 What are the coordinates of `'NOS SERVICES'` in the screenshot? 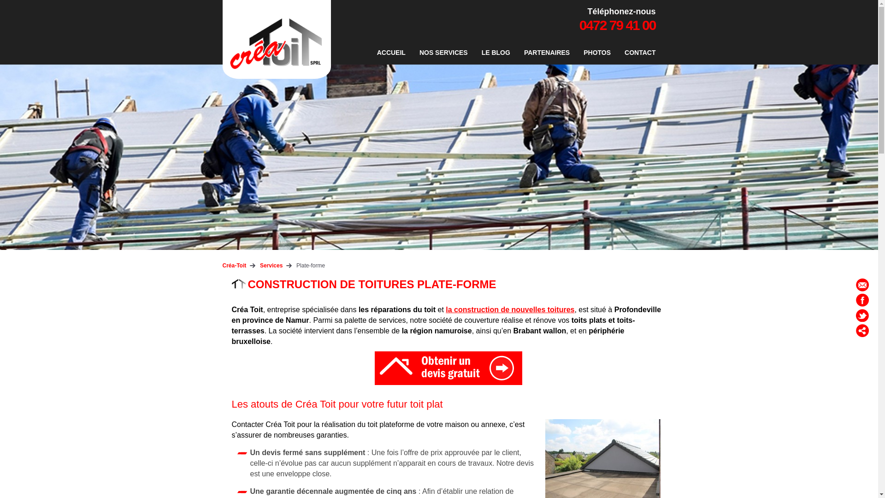 It's located at (443, 53).